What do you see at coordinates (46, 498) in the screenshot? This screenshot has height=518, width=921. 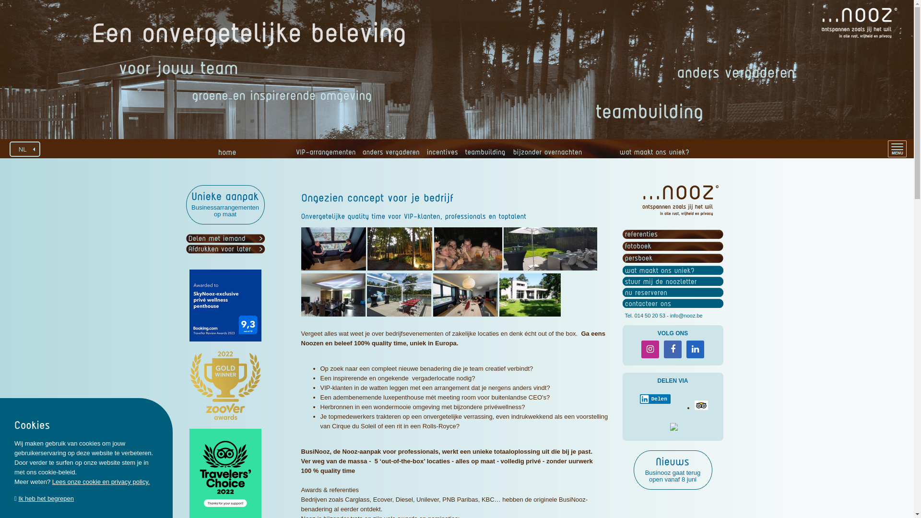 I see `'Ik heb het begrepen'` at bounding box center [46, 498].